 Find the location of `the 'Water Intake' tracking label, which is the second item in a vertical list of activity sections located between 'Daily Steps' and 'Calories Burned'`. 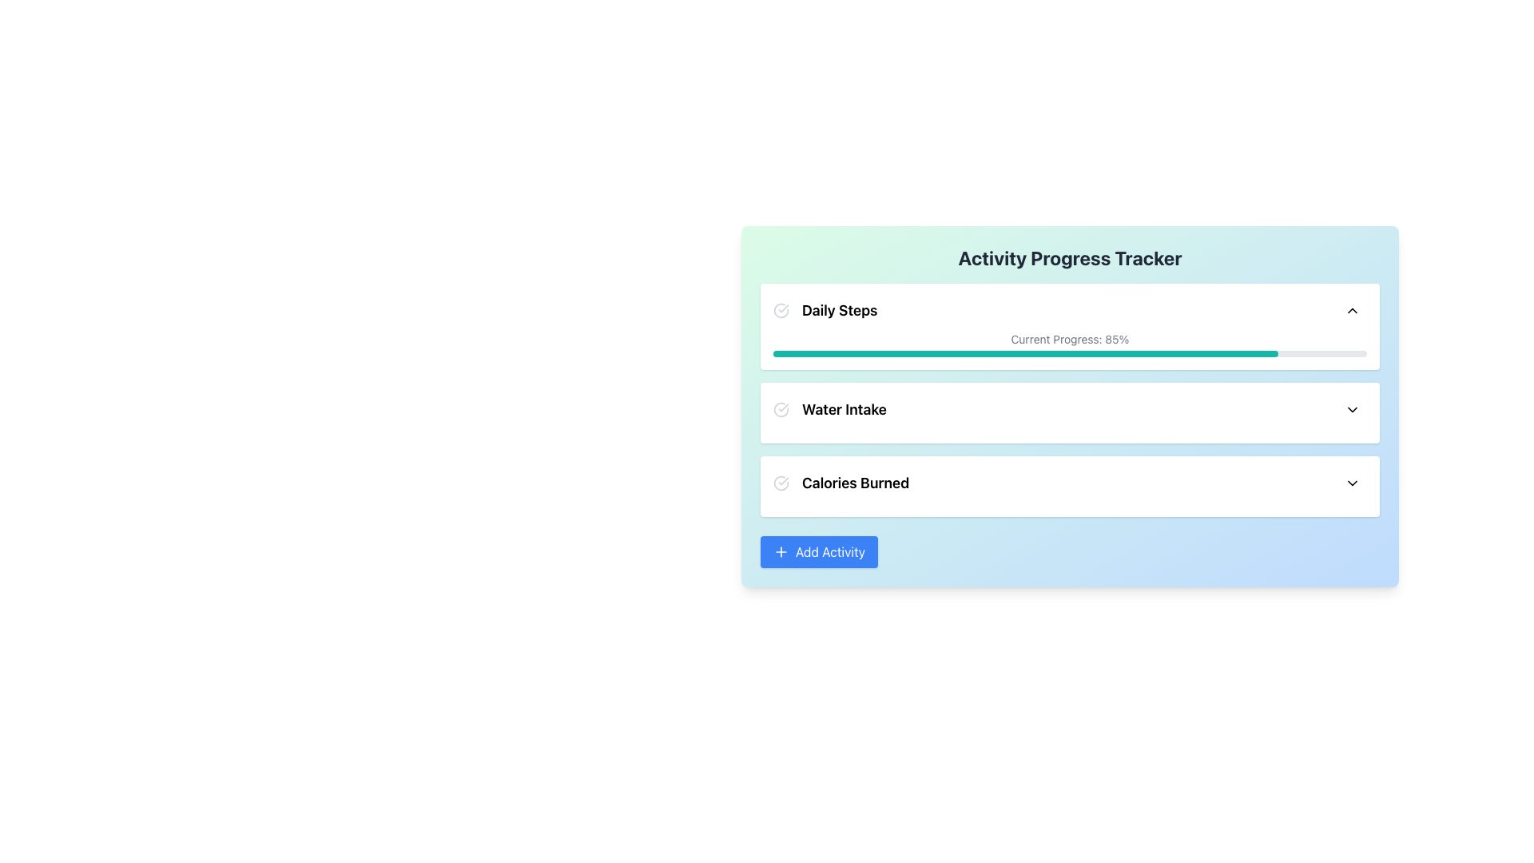

the 'Water Intake' tracking label, which is the second item in a vertical list of activity sections located between 'Daily Steps' and 'Calories Burned' is located at coordinates (829, 409).